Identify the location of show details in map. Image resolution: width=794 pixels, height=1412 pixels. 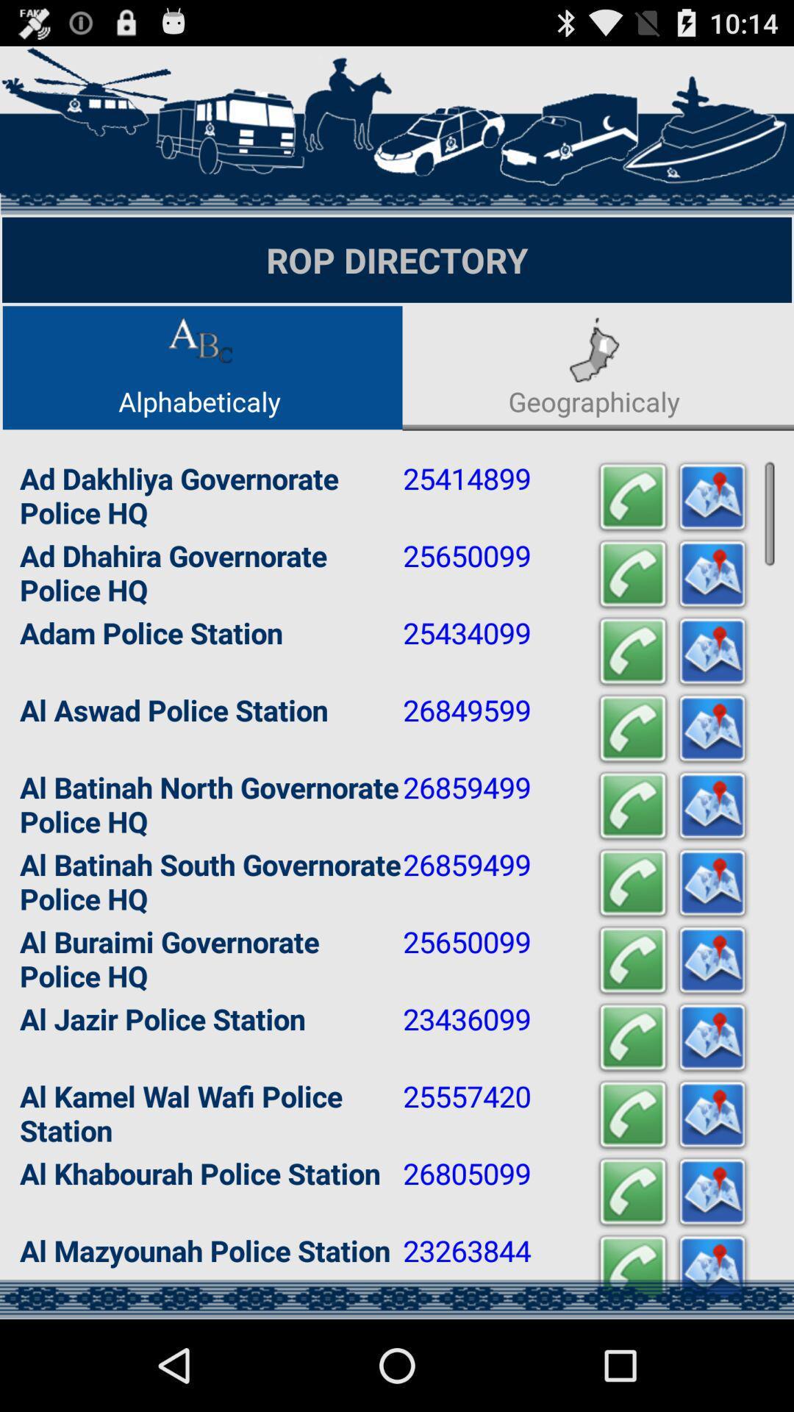
(711, 805).